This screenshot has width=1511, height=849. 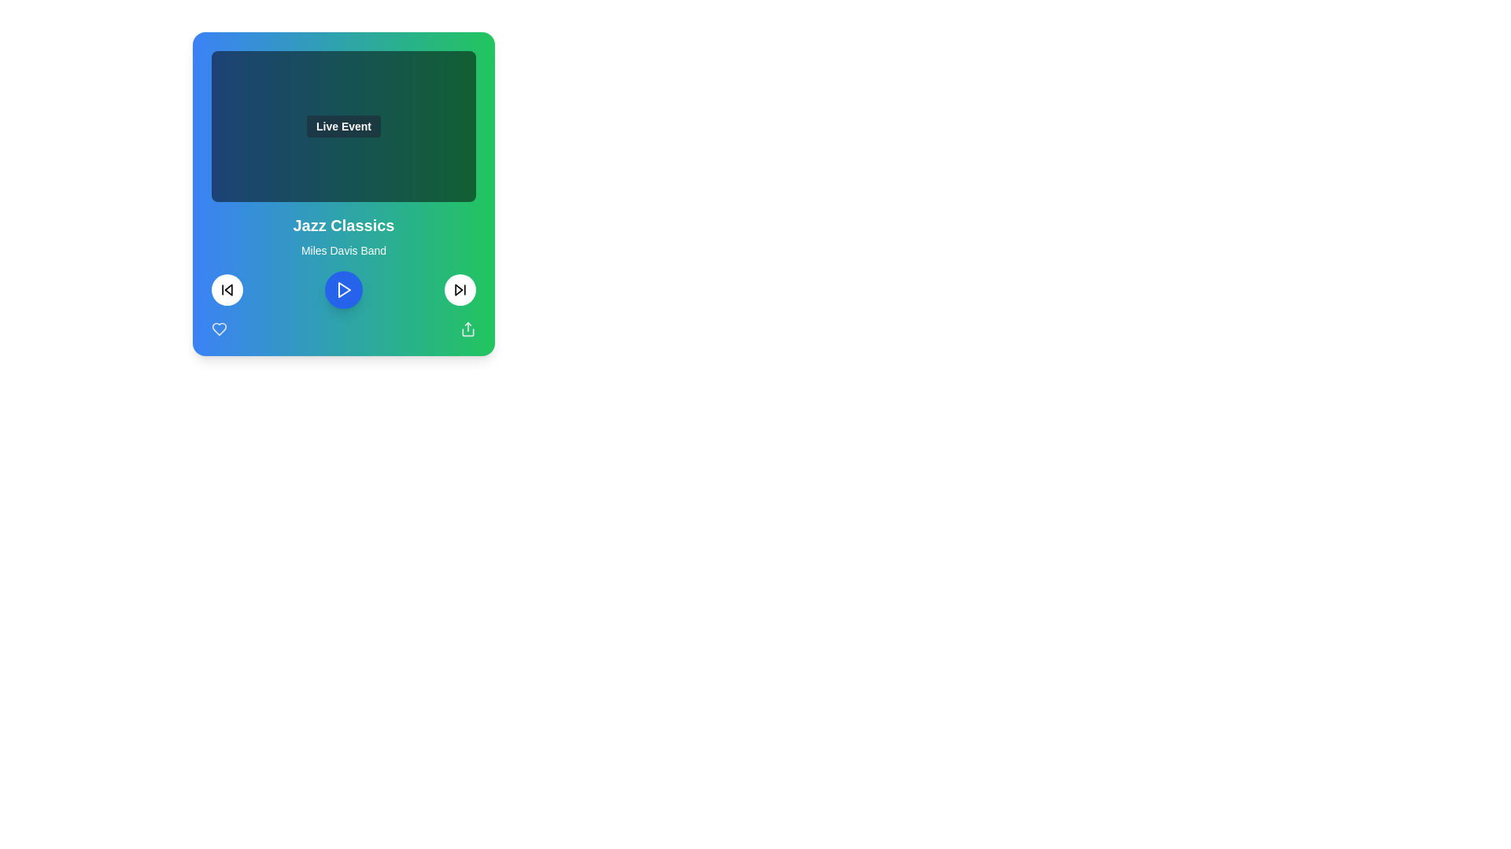 I want to click on the backward skip icon inside the circular button located on the left side of the play control panel to skip backward, so click(x=226, y=290).